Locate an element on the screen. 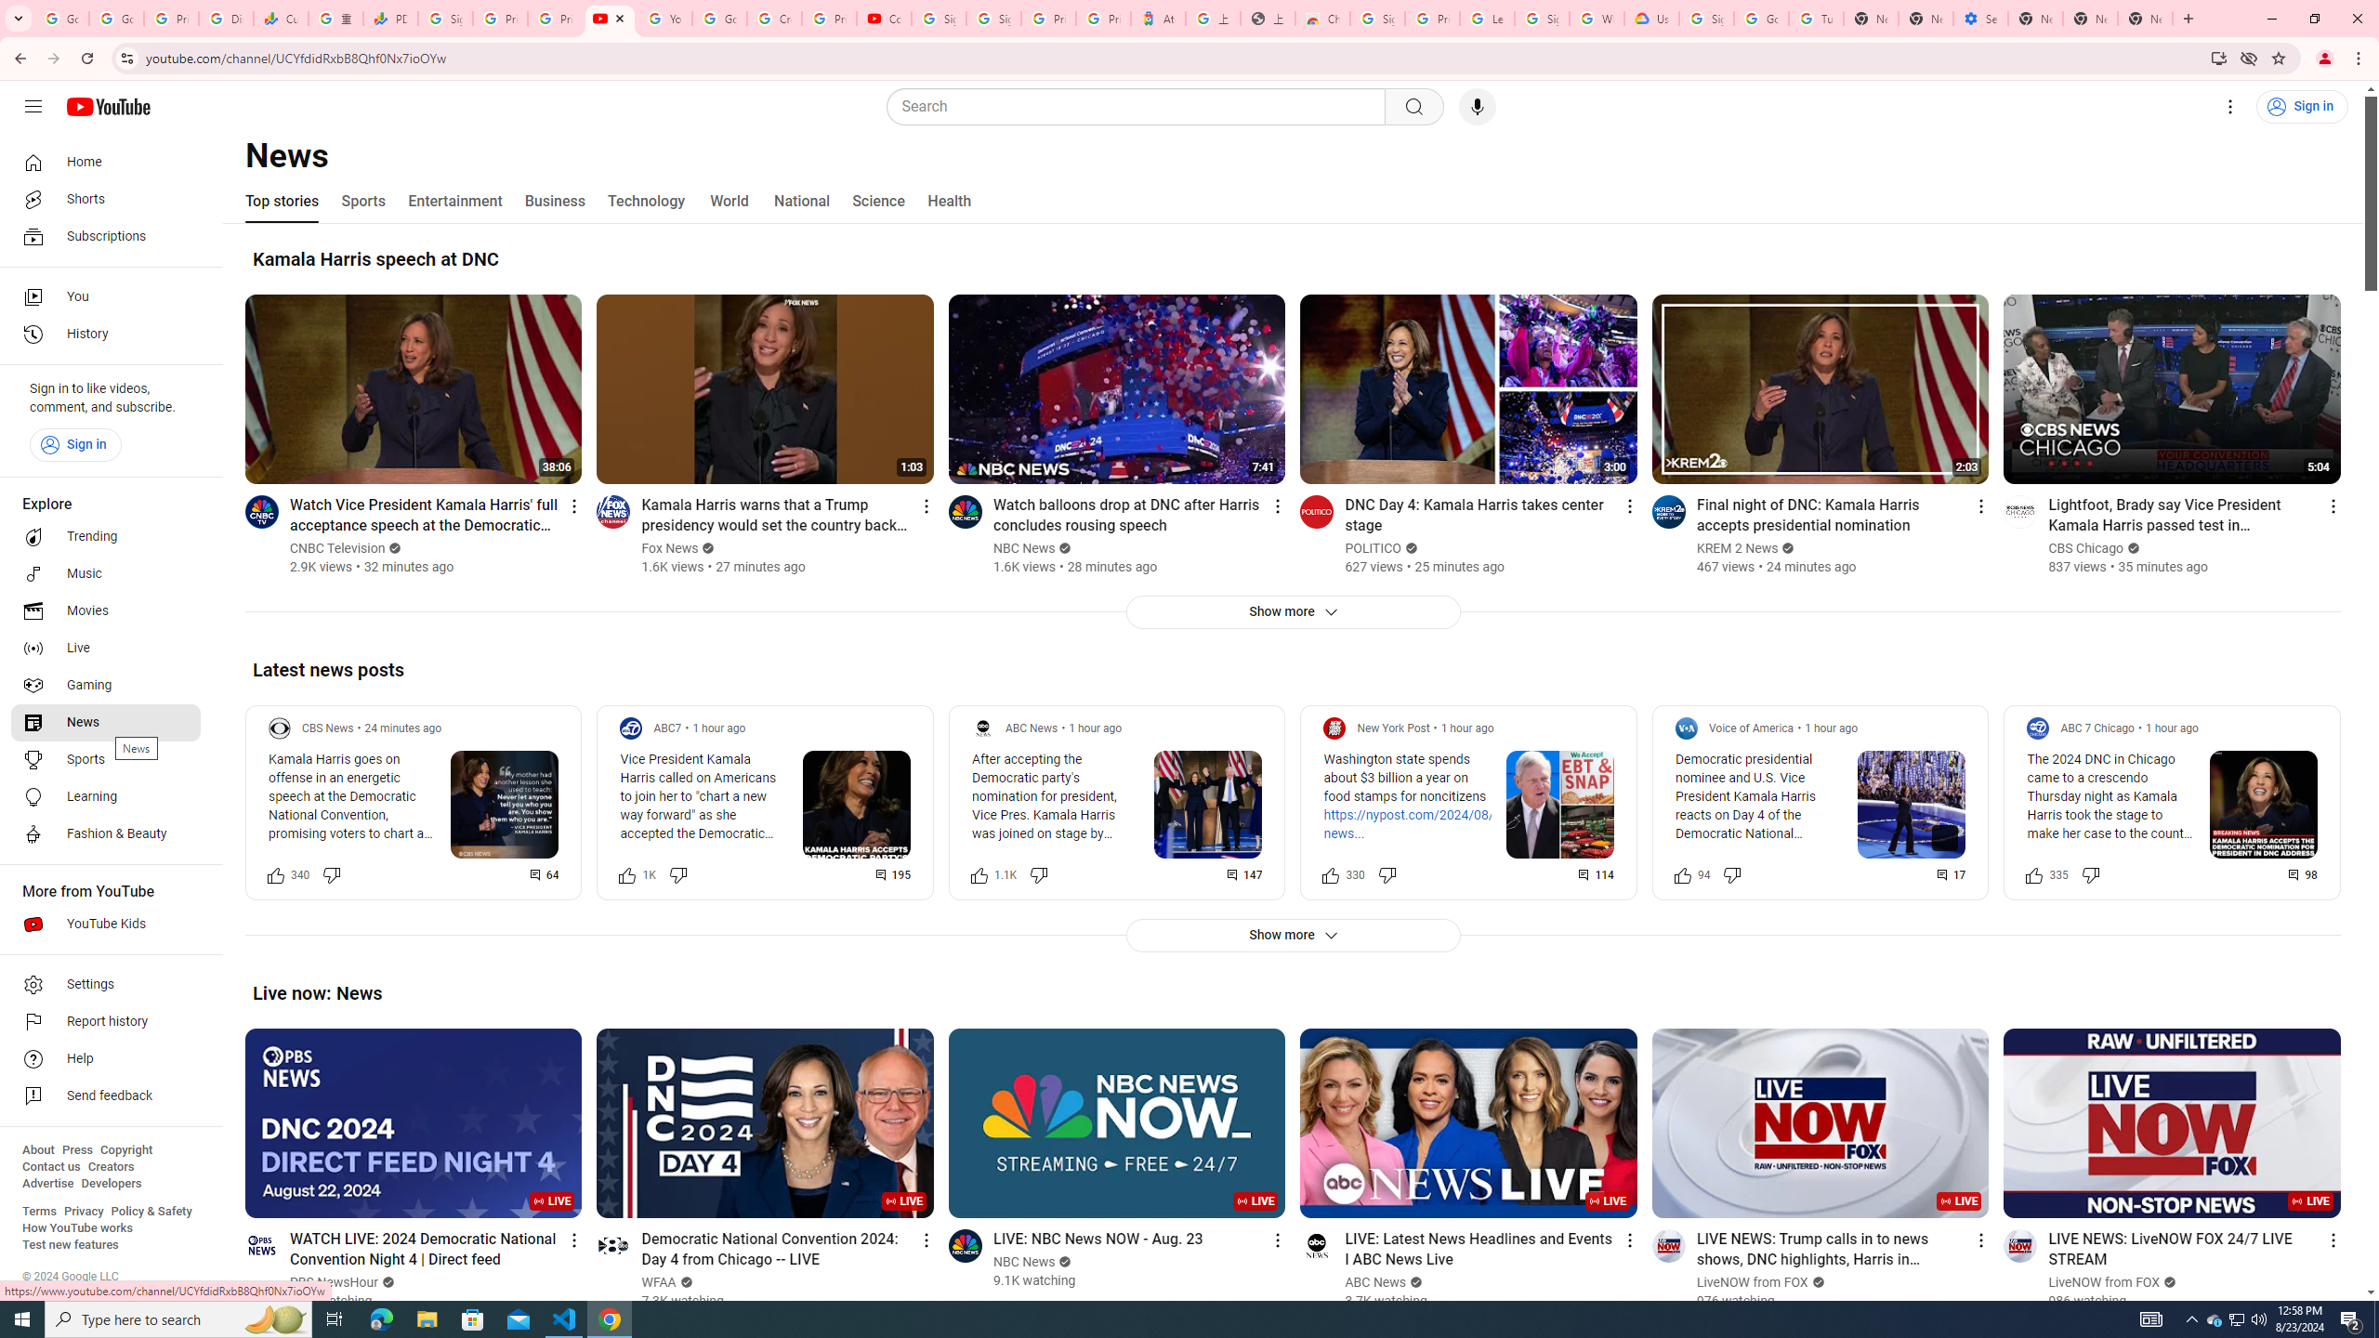 The height and width of the screenshot is (1338, 2379). 'Like this post along with 335 other people' is located at coordinates (2034, 874).